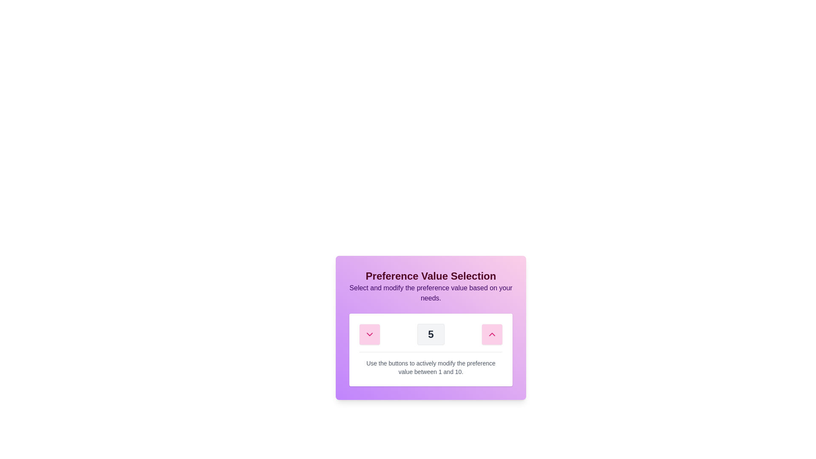  Describe the element at coordinates (431, 293) in the screenshot. I see `the text element that reads 'Select and modify the preference value based on your needs', which is styled in purple and located beneath the title 'Preference Value Selection'` at that location.